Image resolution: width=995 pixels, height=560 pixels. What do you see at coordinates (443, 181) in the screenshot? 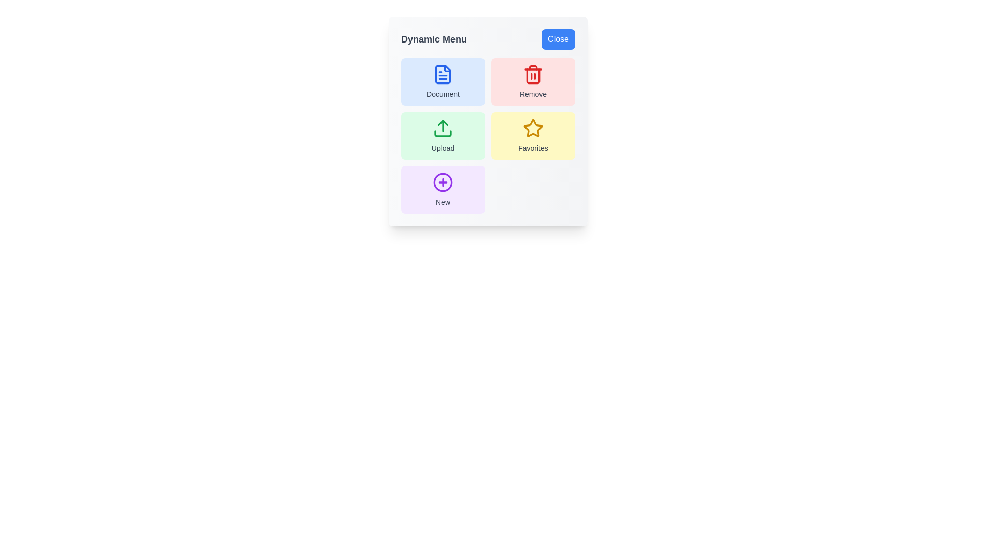
I see `the circular icon with a '+' symbol that has a purple outline and is part of the 'New' label in the bottom-left section of the grid` at bounding box center [443, 181].